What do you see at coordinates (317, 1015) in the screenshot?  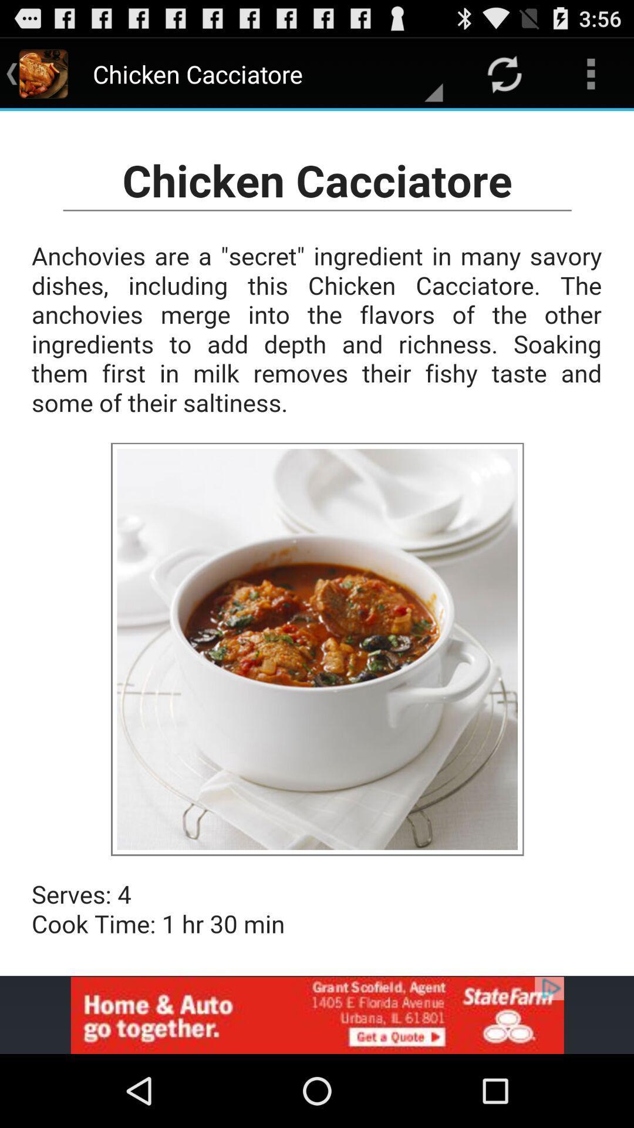 I see `open advertisement` at bounding box center [317, 1015].